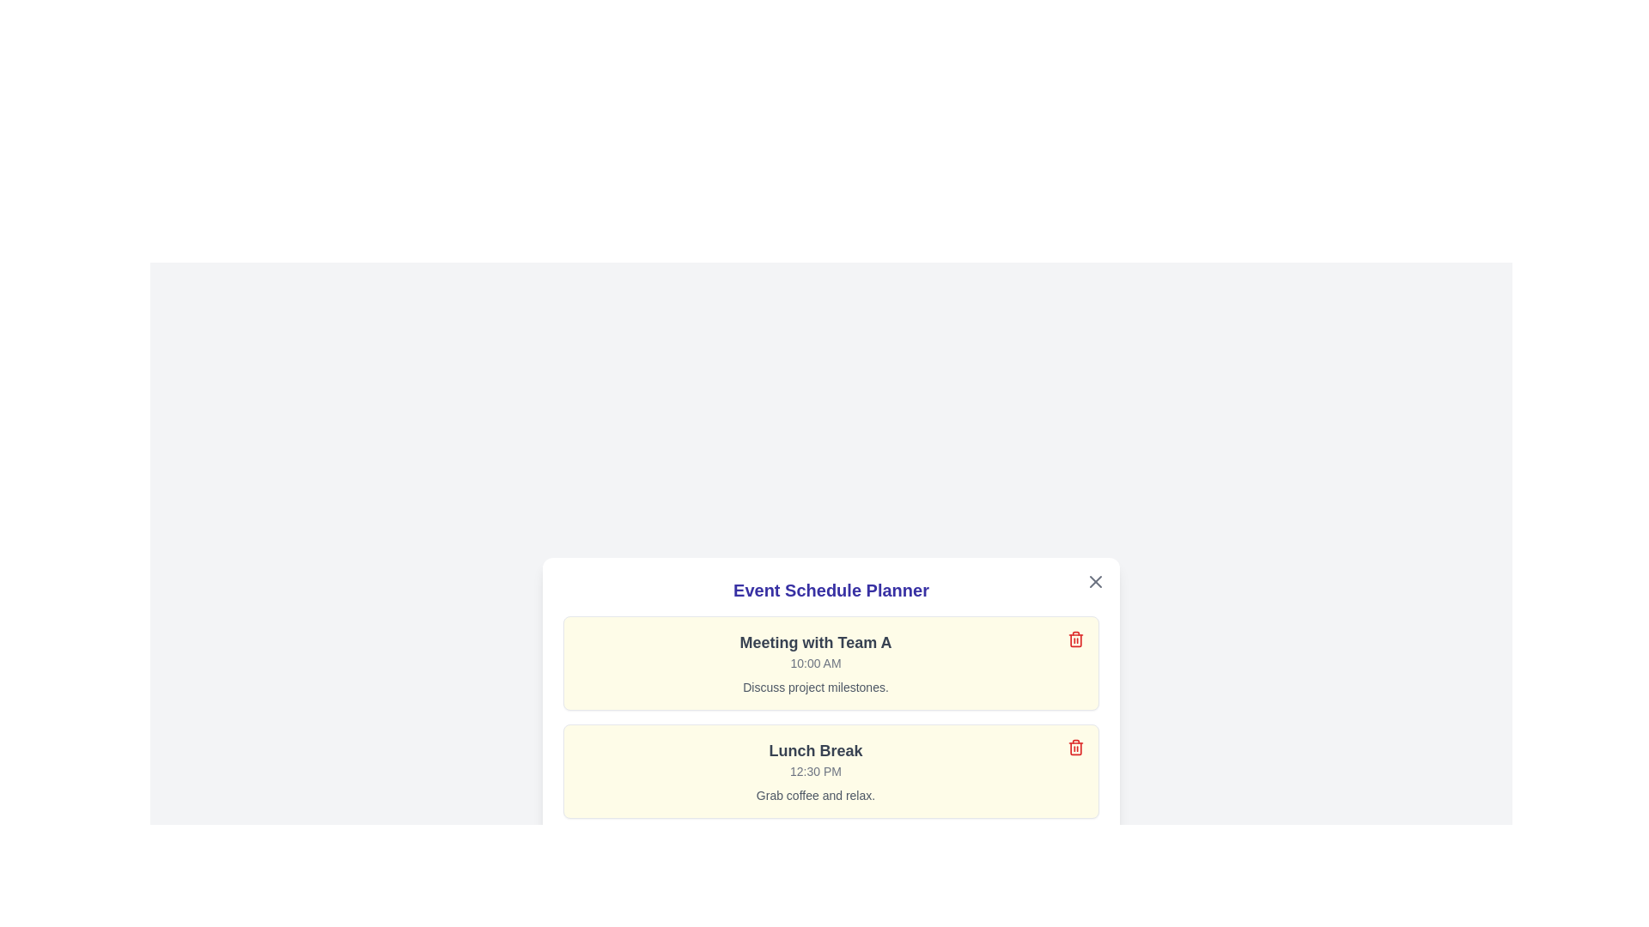  Describe the element at coordinates (831, 589) in the screenshot. I see `bold blue text titled 'Event Schedule Planner' located at the top section of the white card` at that location.